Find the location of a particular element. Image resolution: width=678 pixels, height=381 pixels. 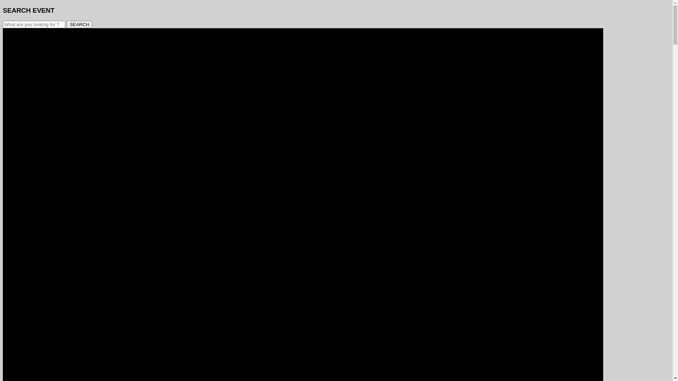

'SEARCH' is located at coordinates (79, 24).